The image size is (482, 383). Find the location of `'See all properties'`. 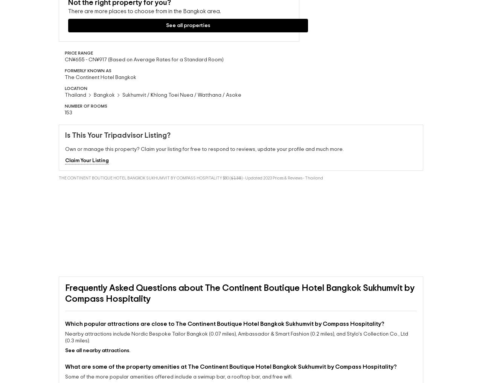

'See all properties' is located at coordinates (75, 51).